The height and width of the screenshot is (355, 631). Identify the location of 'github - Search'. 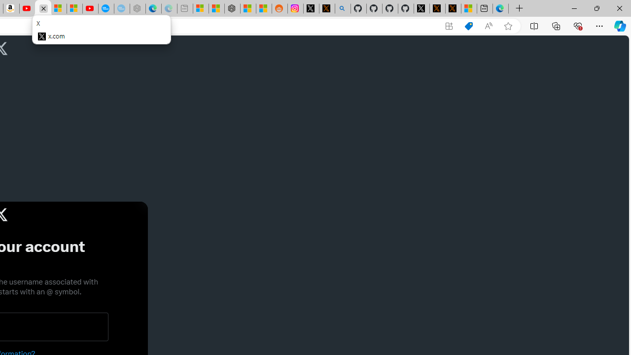
(343, 8).